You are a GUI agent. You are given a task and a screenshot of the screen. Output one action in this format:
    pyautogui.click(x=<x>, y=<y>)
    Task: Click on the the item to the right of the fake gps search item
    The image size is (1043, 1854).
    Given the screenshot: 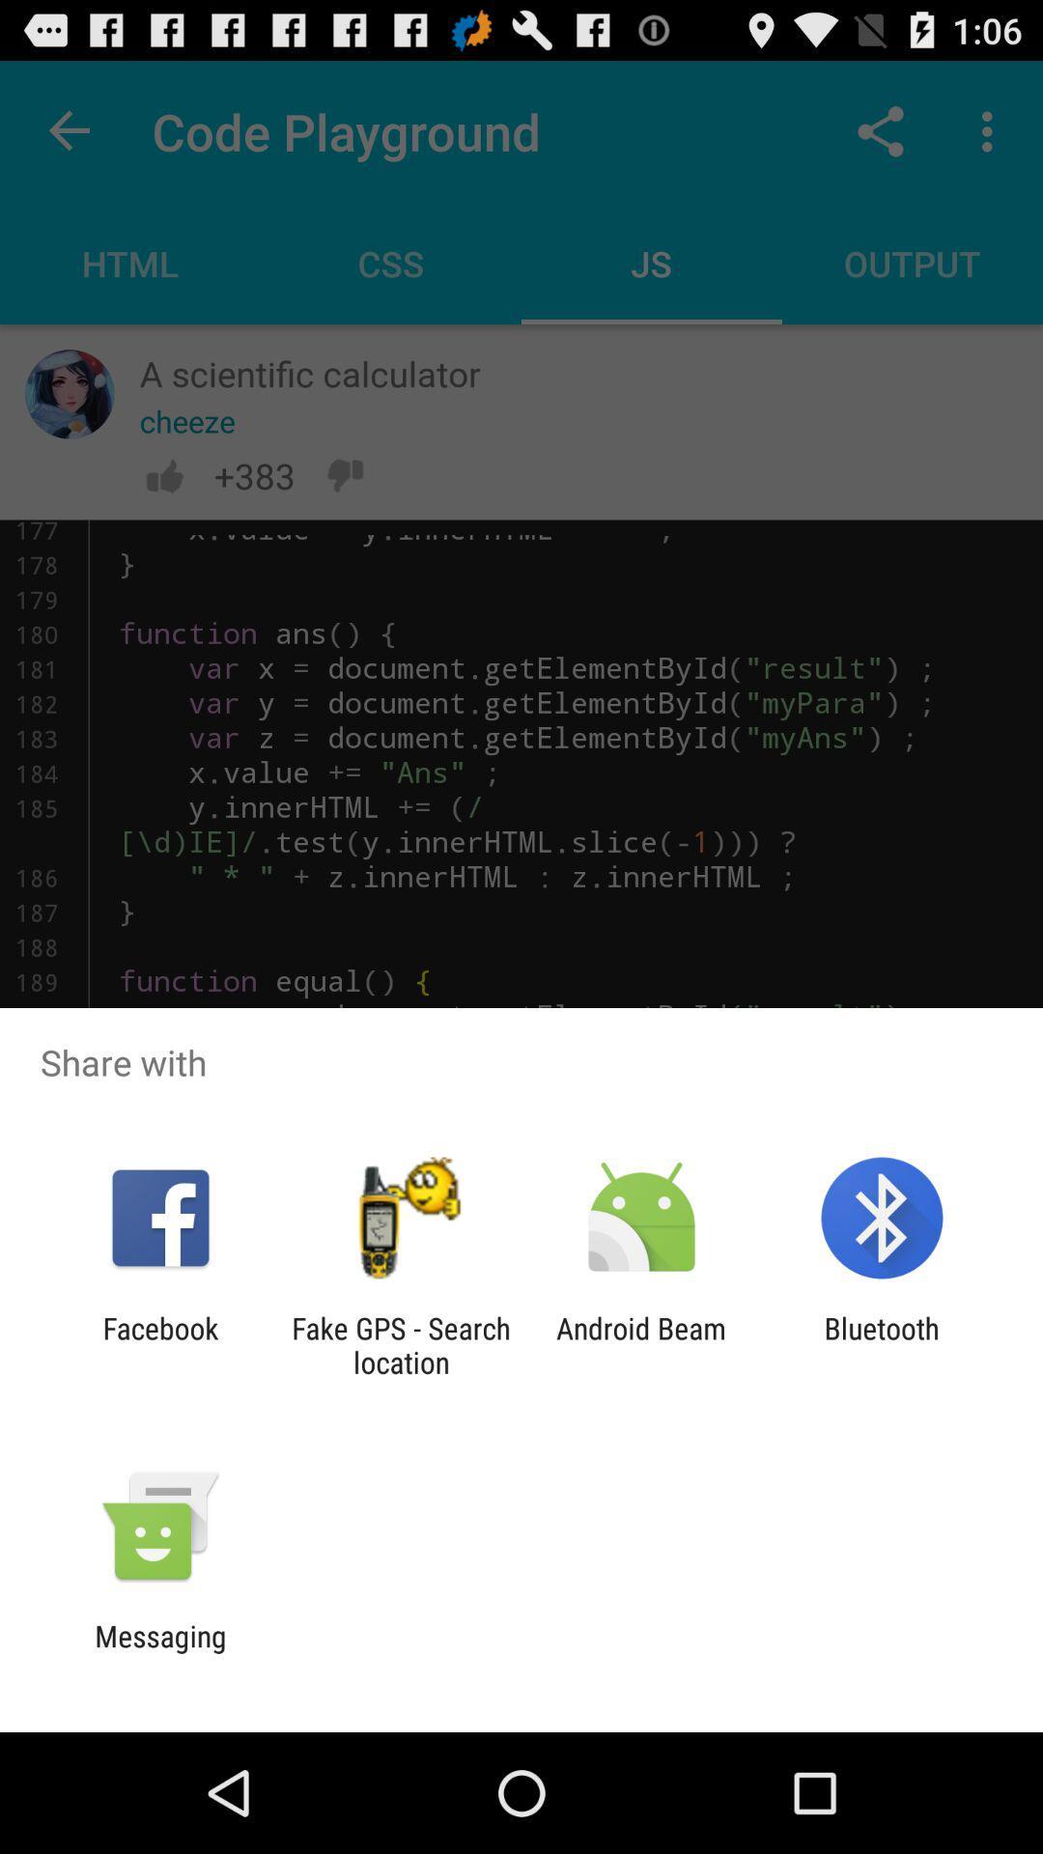 What is the action you would take?
    pyautogui.click(x=641, y=1344)
    